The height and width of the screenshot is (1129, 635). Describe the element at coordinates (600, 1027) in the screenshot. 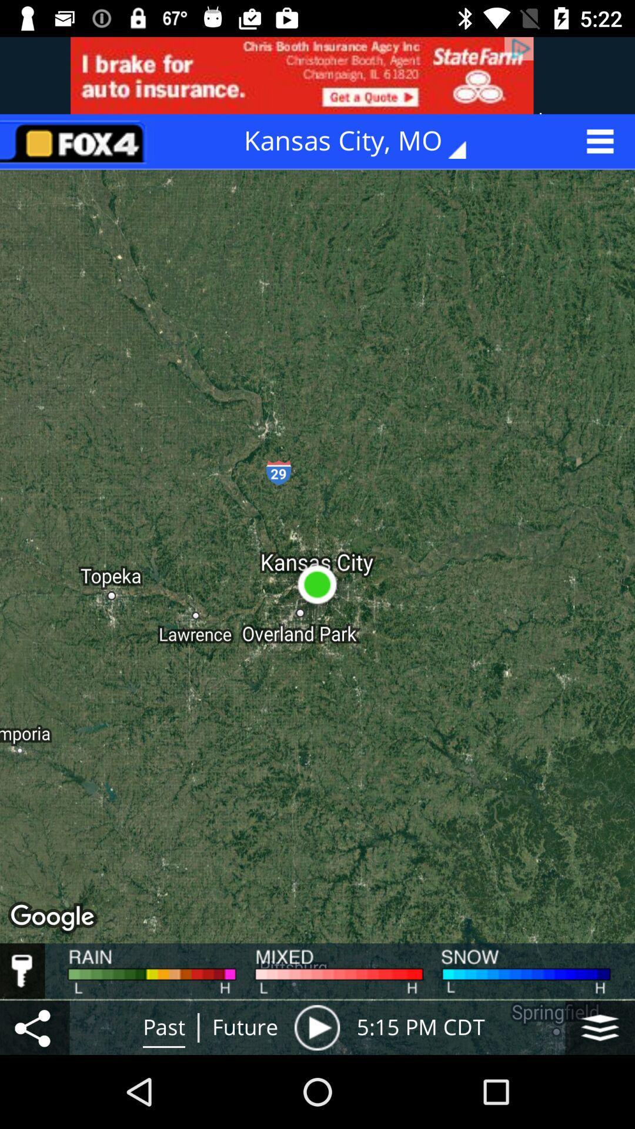

I see `the layers icon` at that location.